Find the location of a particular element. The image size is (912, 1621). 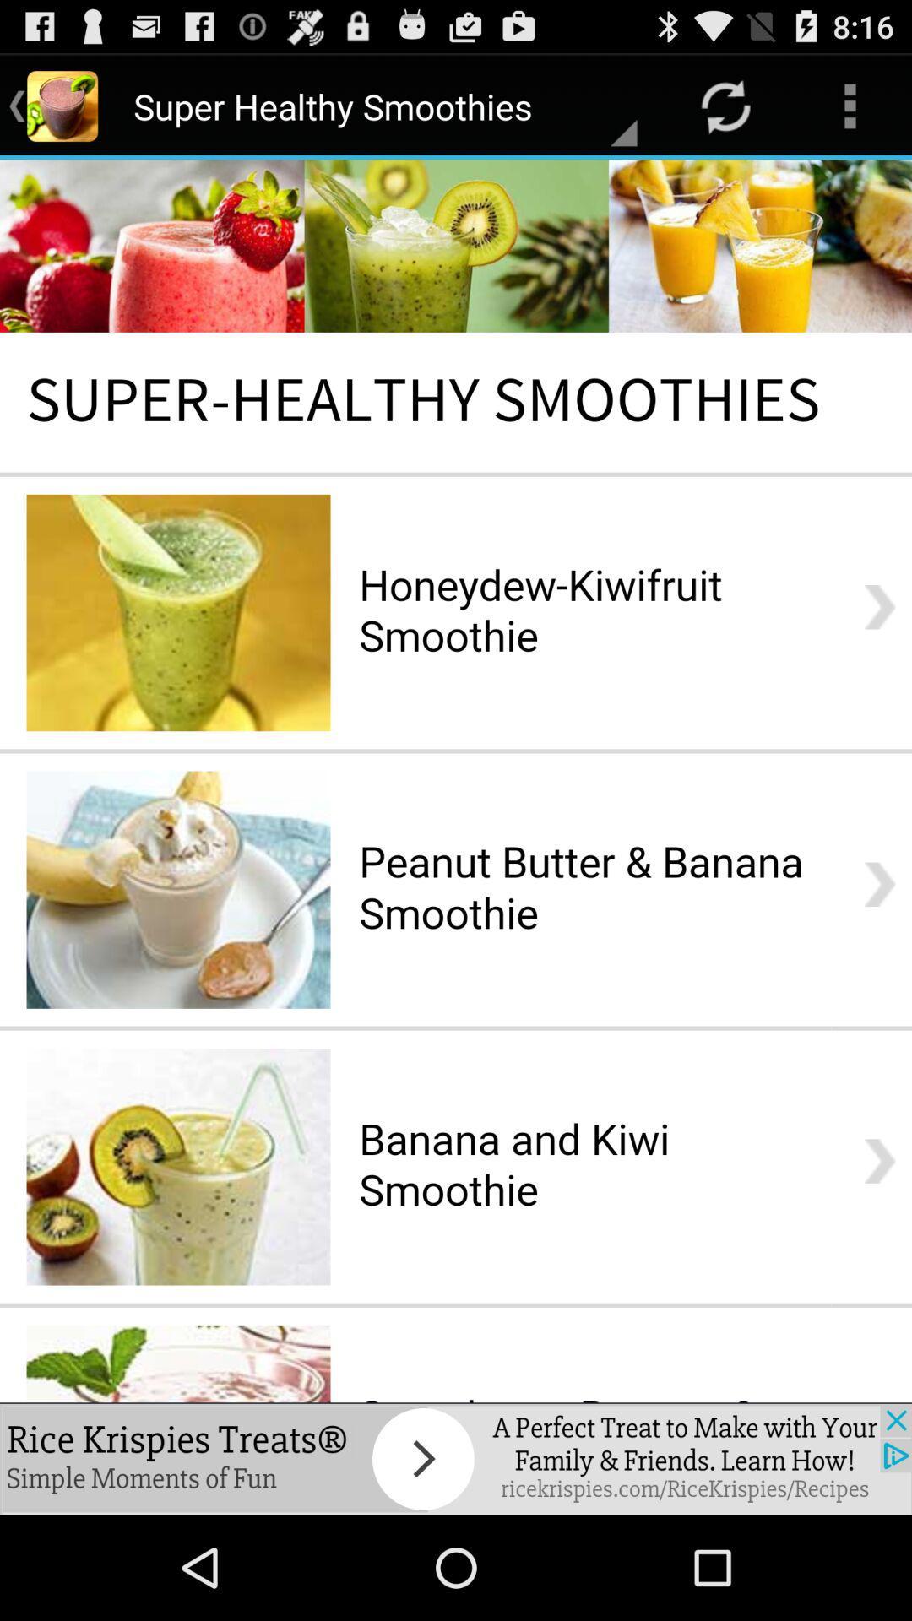

main content area is located at coordinates (456, 780).